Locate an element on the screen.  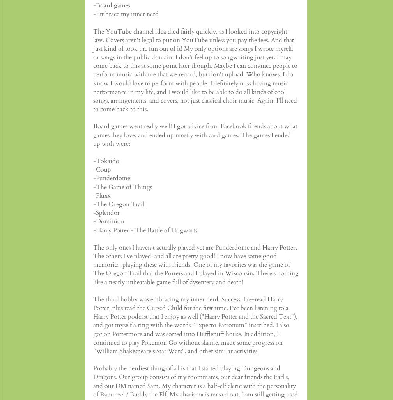
'The YouTube channel idea died fairly quickly, as I looked into copyright law. Covers aren't legal to put on YouTube unless you pay the fees. And that just kind of took the fun out of it! My only options are songs I wrote myself, or songs in the public domain. I don't feel up to songwriting just yet. I may come back to this at some point later though. Maybe I can convince people to perform music with me that we record, but don't upload. Who knows. I do know I would love to perform with people. I definitely miss having music performance in my life, and I would like to be able to do all kinds of cool songs, arrangements, and covers, not just classical choir music. Again, I'll need to come back to this.' is located at coordinates (93, 69).